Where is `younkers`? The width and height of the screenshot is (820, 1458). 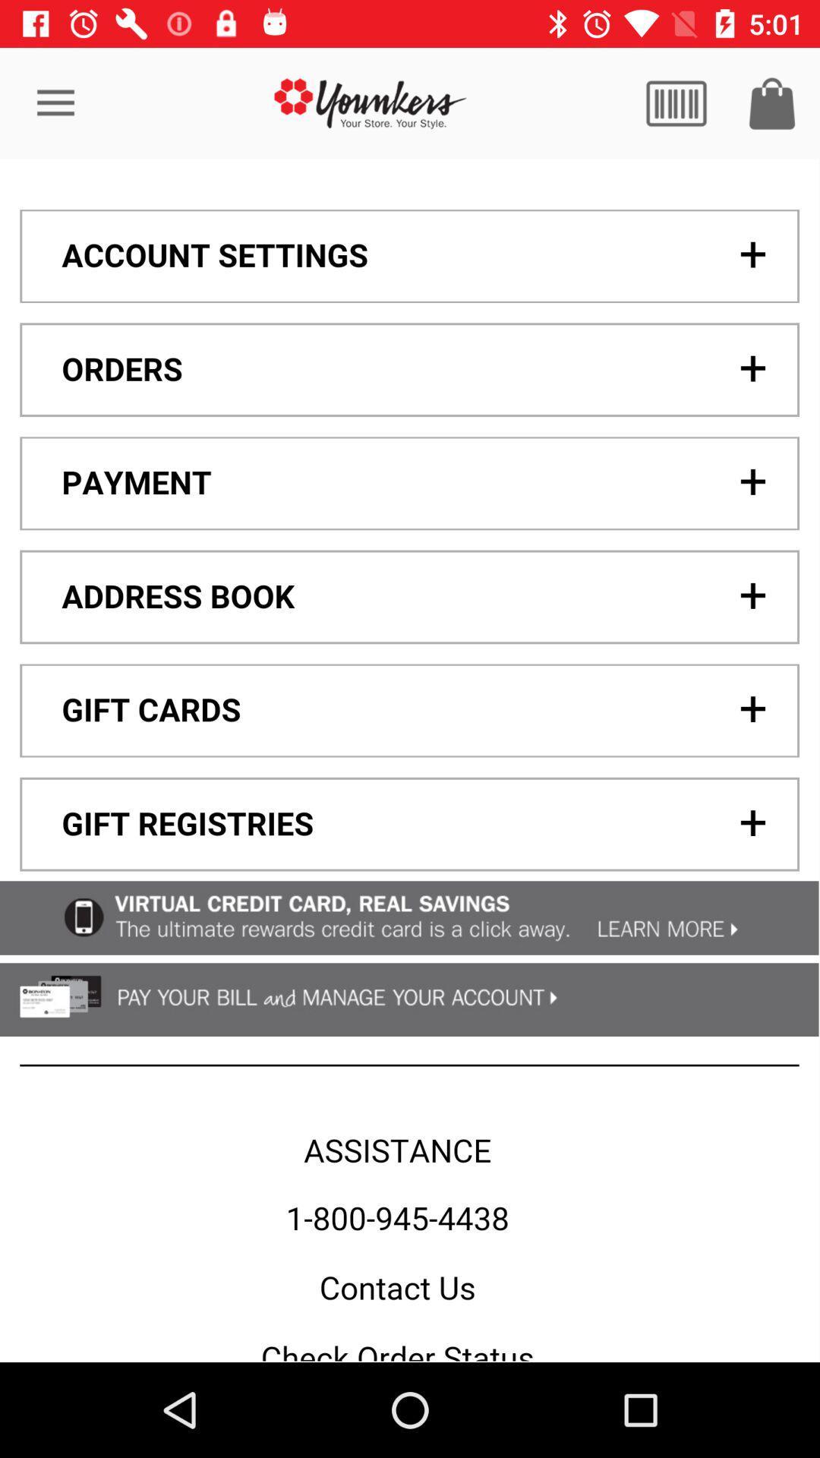 younkers is located at coordinates (370, 103).